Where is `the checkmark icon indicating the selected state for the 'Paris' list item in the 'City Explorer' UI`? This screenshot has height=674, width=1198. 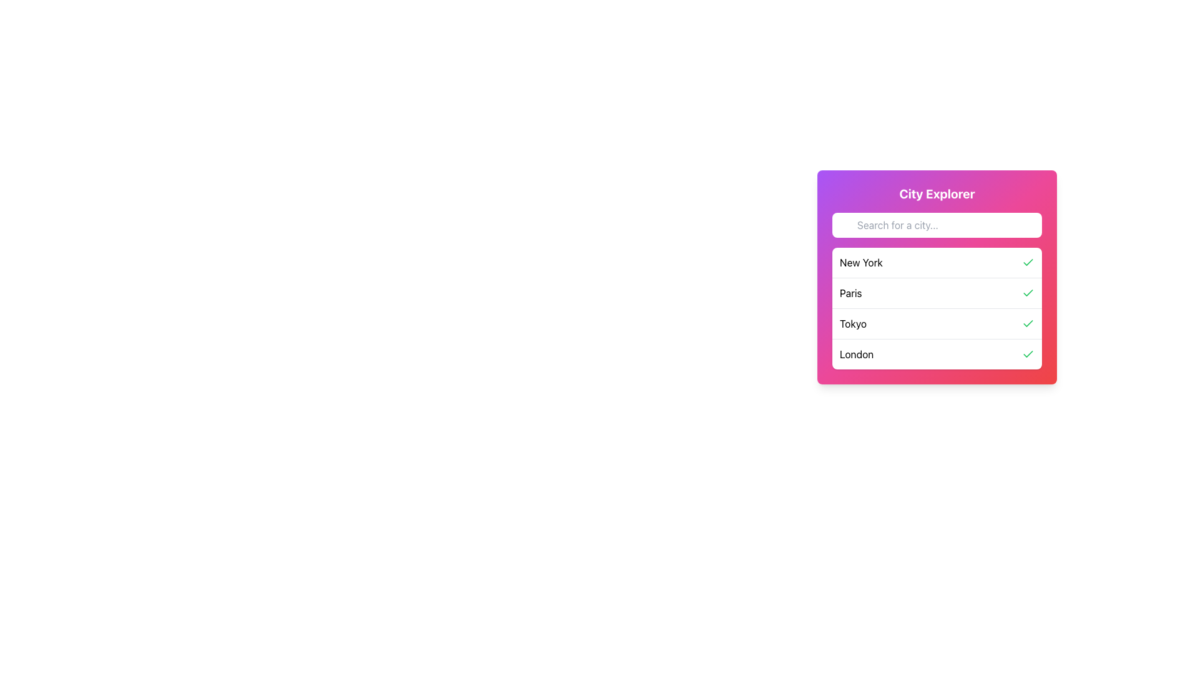 the checkmark icon indicating the selected state for the 'Paris' list item in the 'City Explorer' UI is located at coordinates (1028, 293).